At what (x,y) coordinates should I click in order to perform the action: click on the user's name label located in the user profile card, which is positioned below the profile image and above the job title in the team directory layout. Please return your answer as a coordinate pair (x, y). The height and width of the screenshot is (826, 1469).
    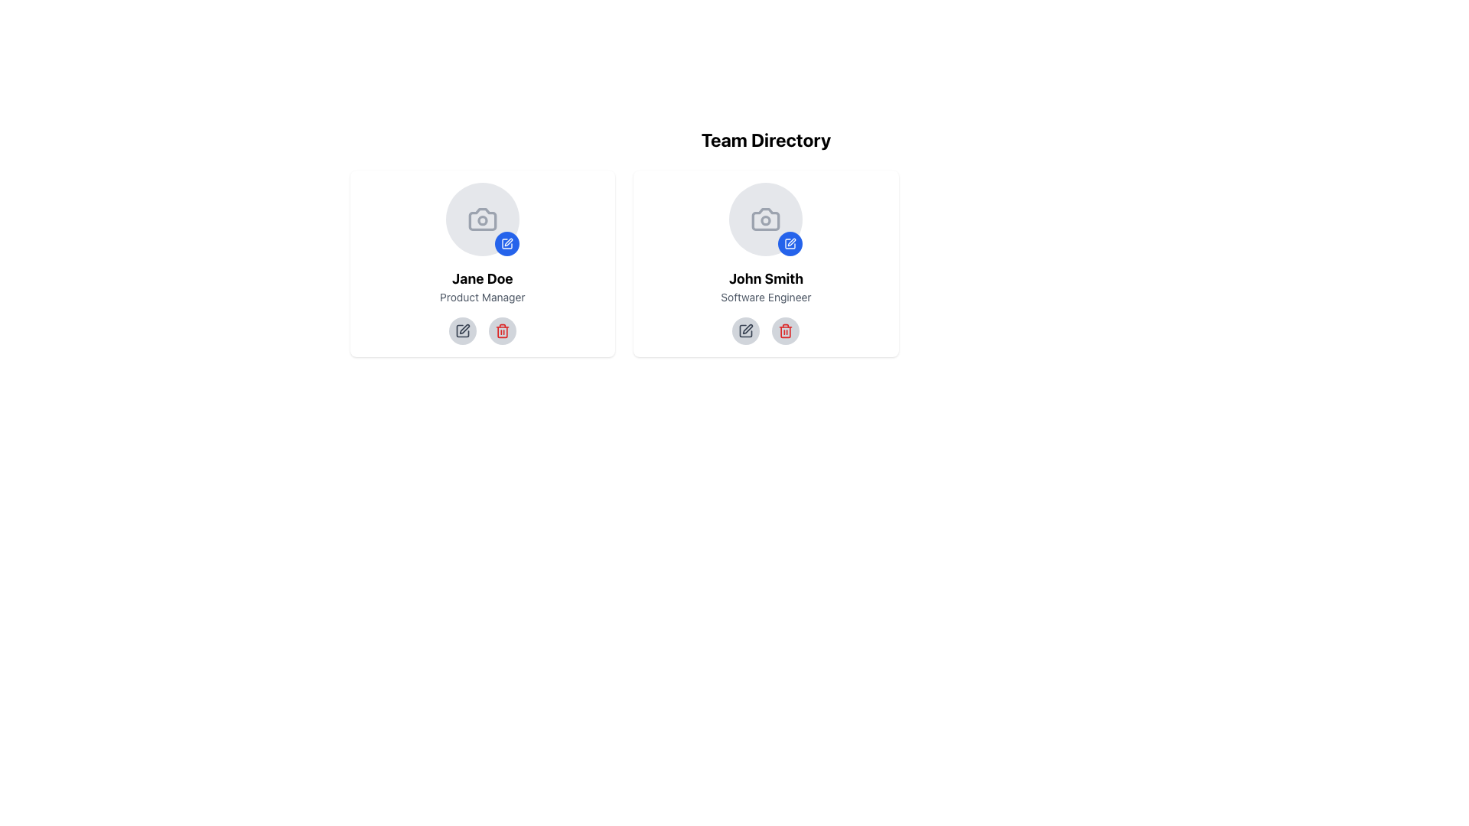
    Looking at the image, I should click on (766, 279).